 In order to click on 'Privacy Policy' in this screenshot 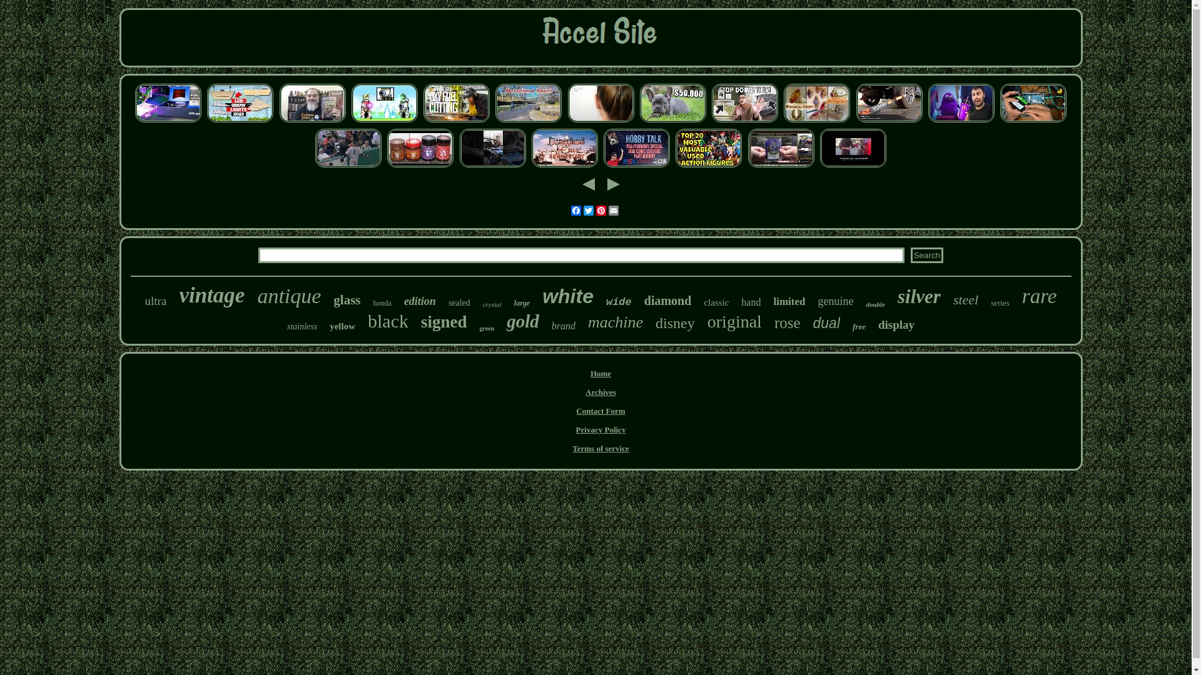, I will do `click(575, 429)`.